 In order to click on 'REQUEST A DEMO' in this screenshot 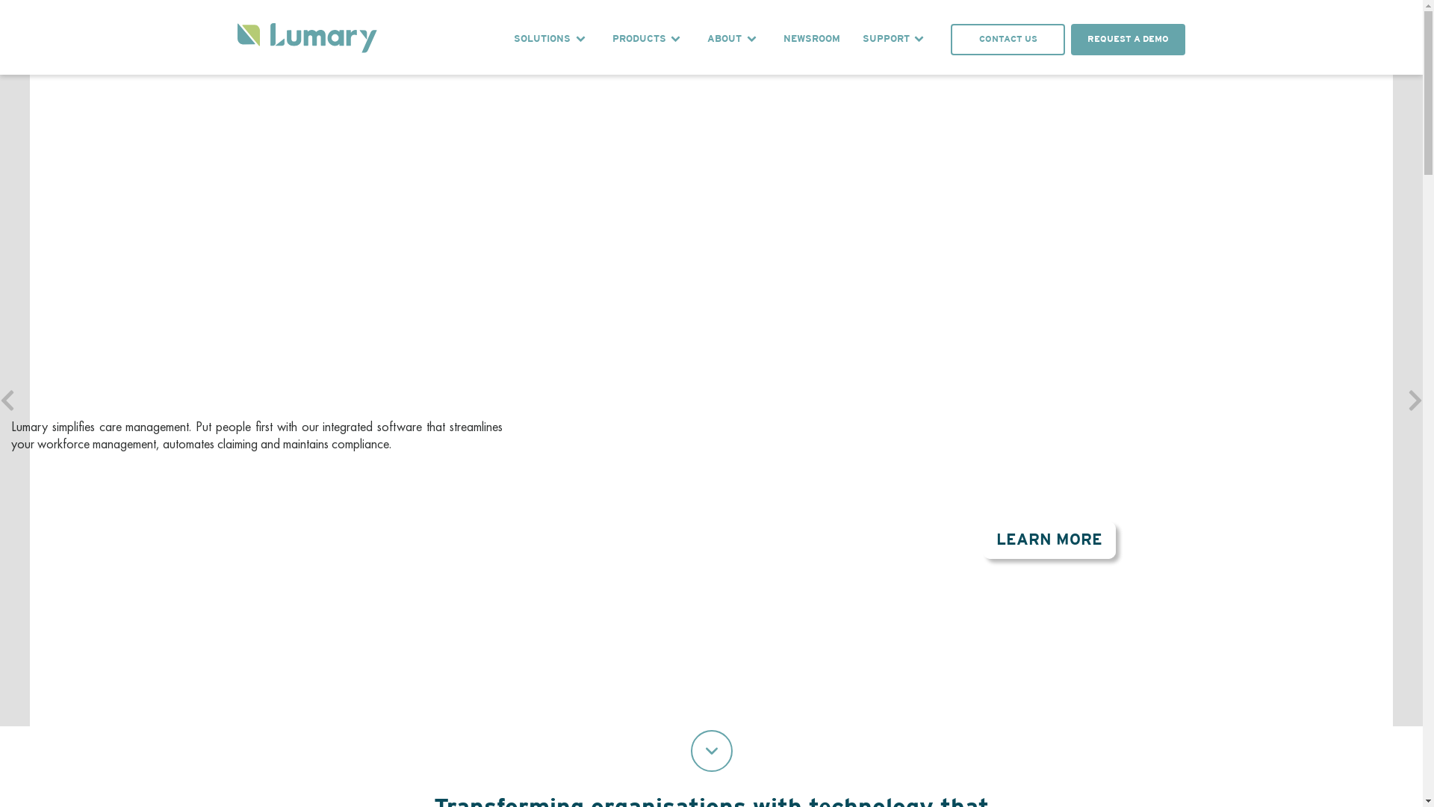, I will do `click(1128, 39)`.